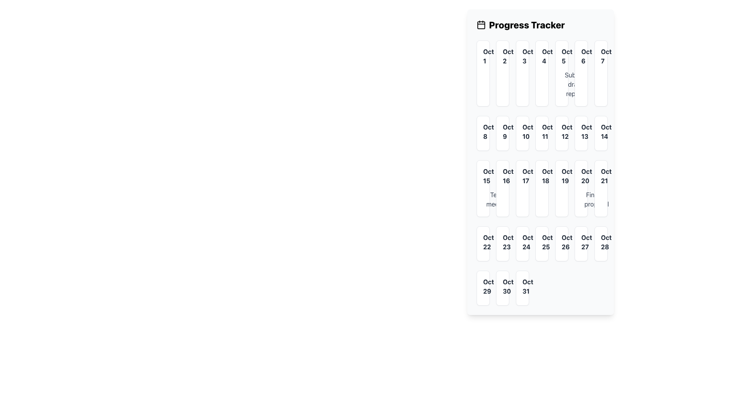 This screenshot has height=420, width=747. Describe the element at coordinates (581, 73) in the screenshot. I see `the Calendar day card representing October 6th, which is located in the first row and sixth column of the grid layout` at that location.